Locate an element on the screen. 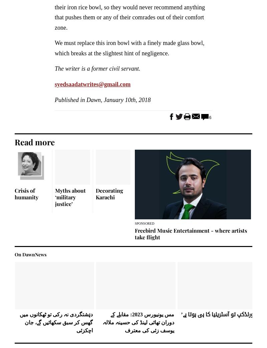 Image resolution: width=267 pixels, height=348 pixels. '6' is located at coordinates (210, 117).